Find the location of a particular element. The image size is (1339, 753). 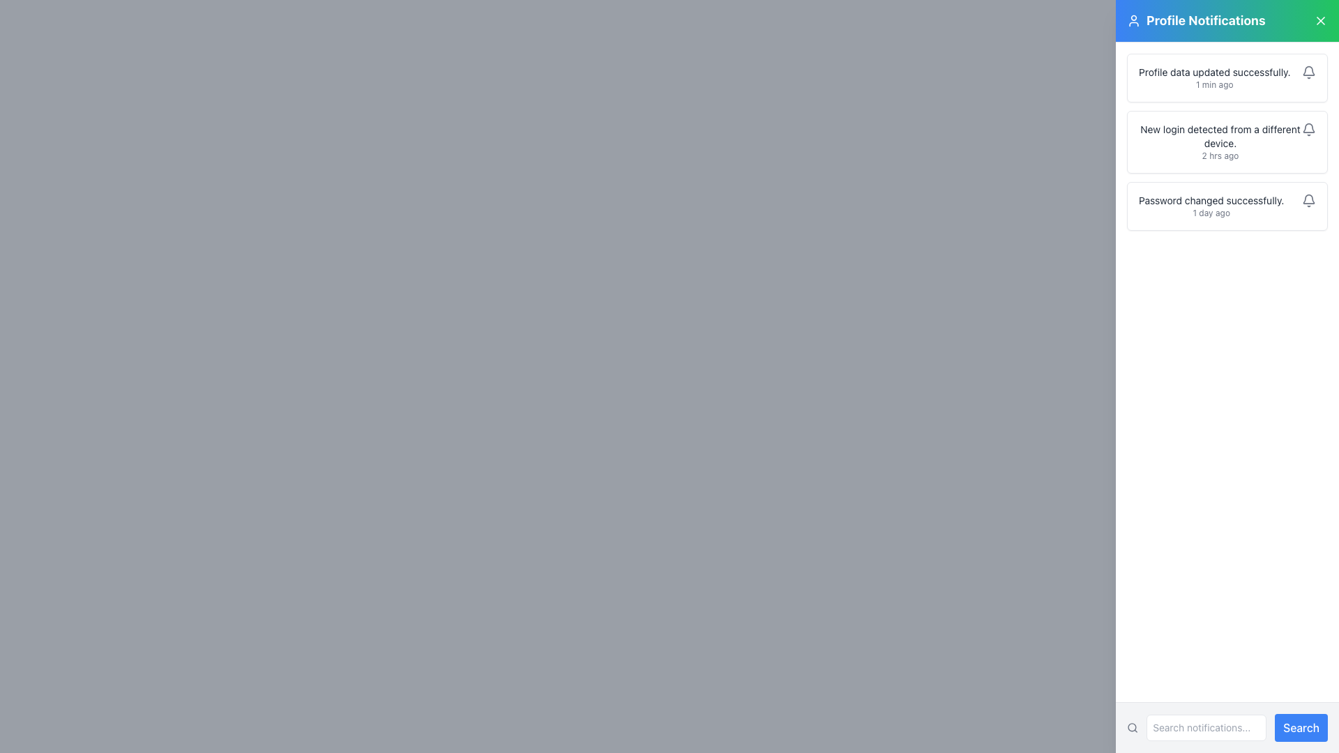

the notification text block that states 'New login detected from a different device.' to possibly reveal additional context or options is located at coordinates (1220, 142).